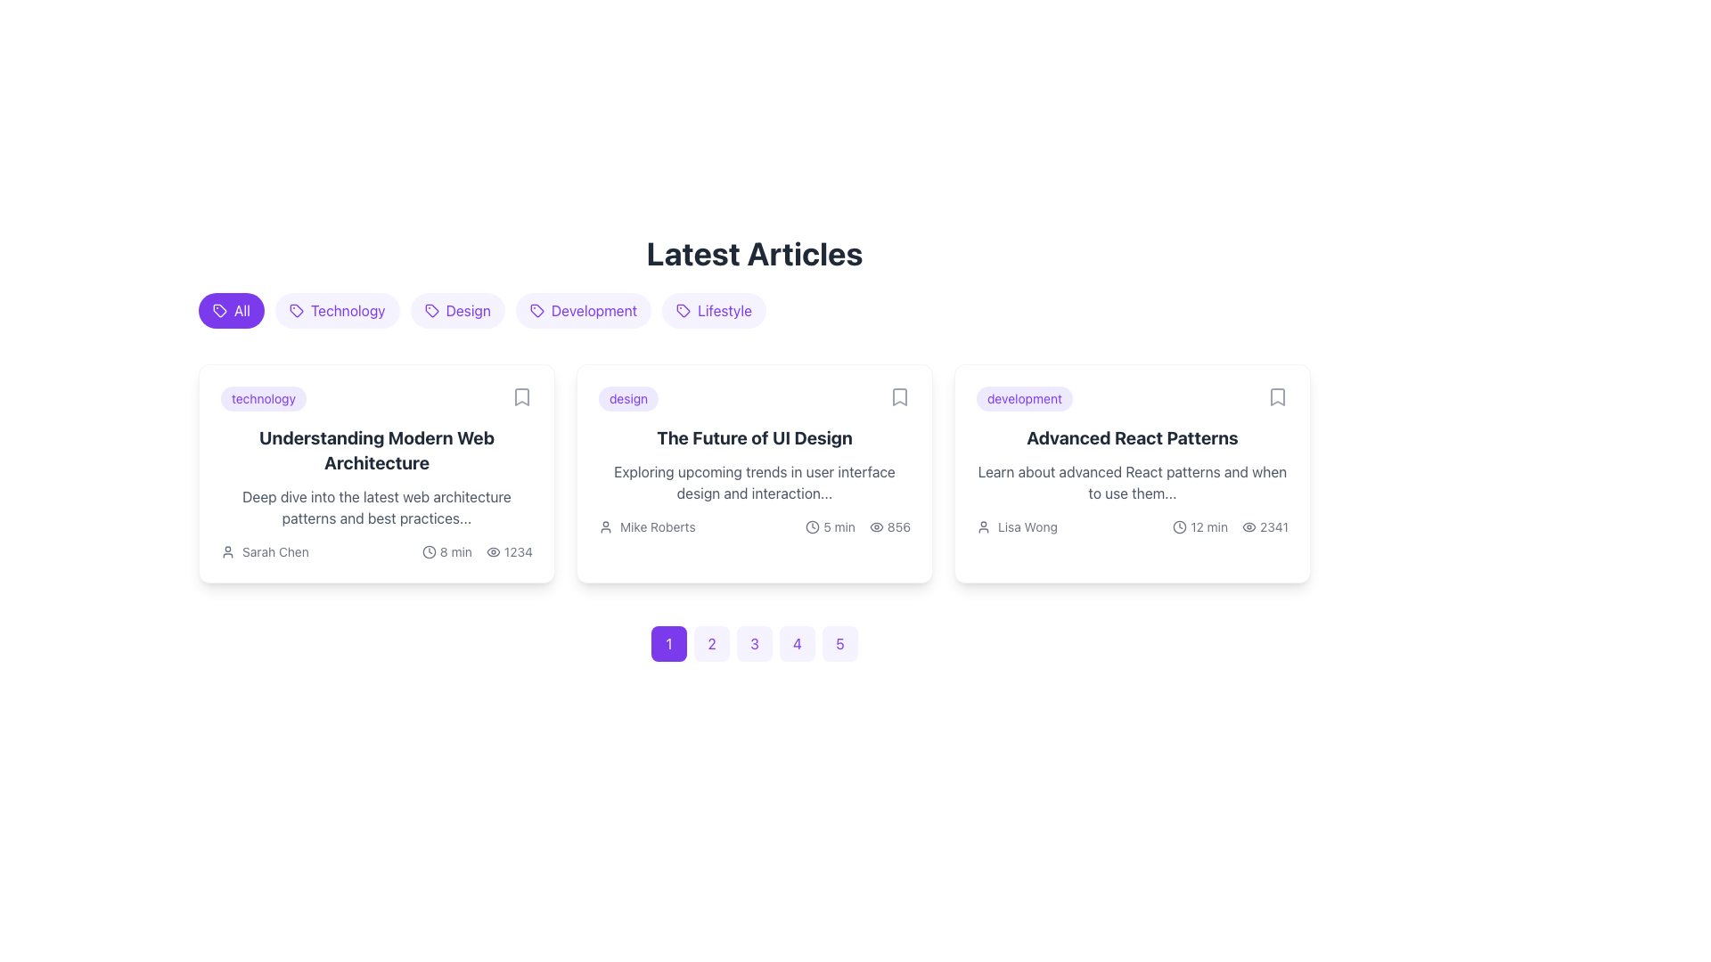  Describe the element at coordinates (536, 309) in the screenshot. I see `the 'Development' category icon located under the 'Latest Articles' heading` at that location.